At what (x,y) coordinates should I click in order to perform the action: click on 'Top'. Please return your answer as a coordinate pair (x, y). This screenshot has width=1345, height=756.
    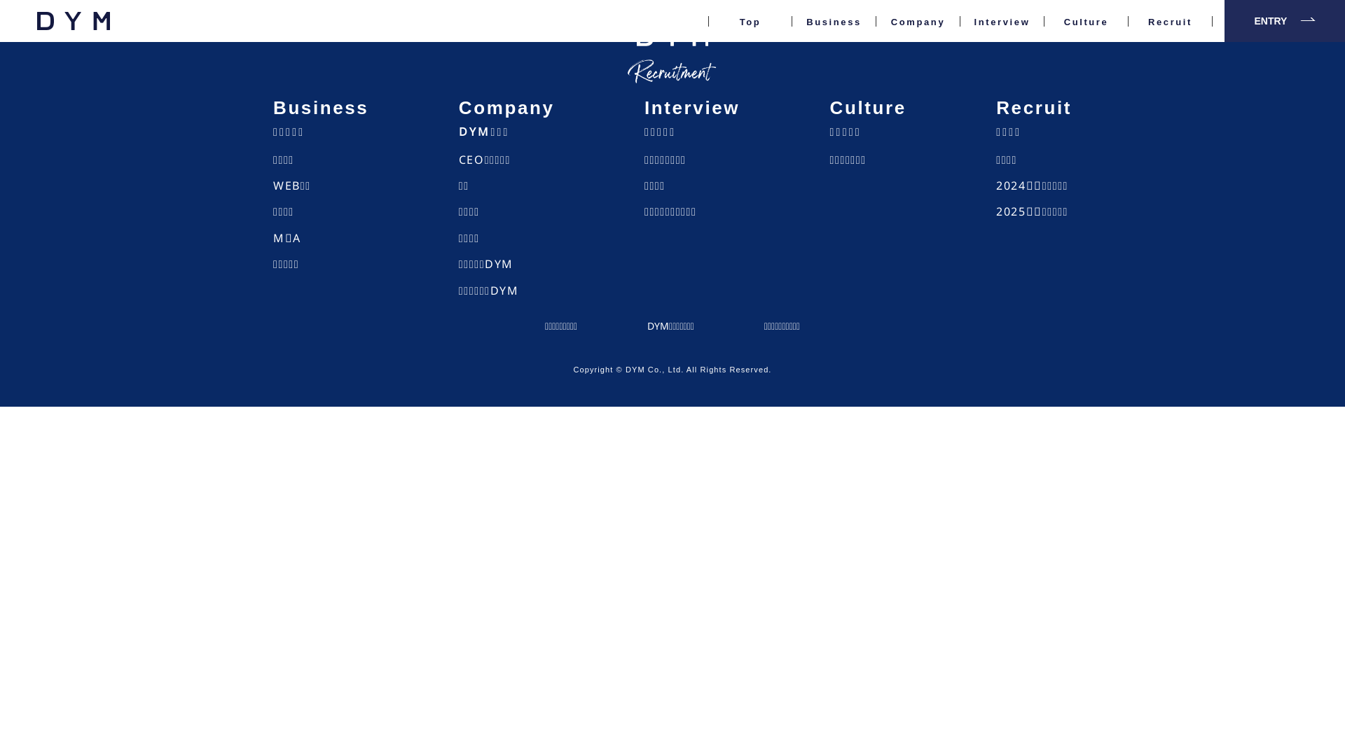
    Looking at the image, I should click on (749, 35).